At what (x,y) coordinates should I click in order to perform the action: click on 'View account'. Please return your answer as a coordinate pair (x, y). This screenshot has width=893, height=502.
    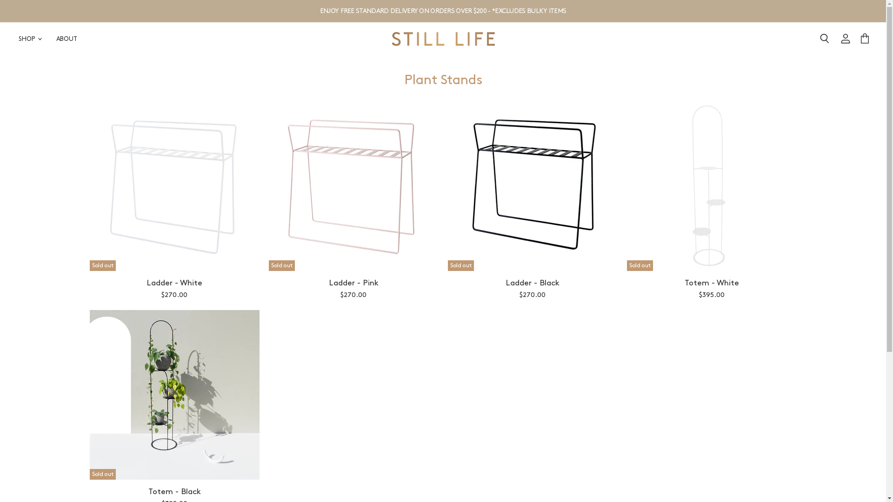
    Looking at the image, I should click on (846, 39).